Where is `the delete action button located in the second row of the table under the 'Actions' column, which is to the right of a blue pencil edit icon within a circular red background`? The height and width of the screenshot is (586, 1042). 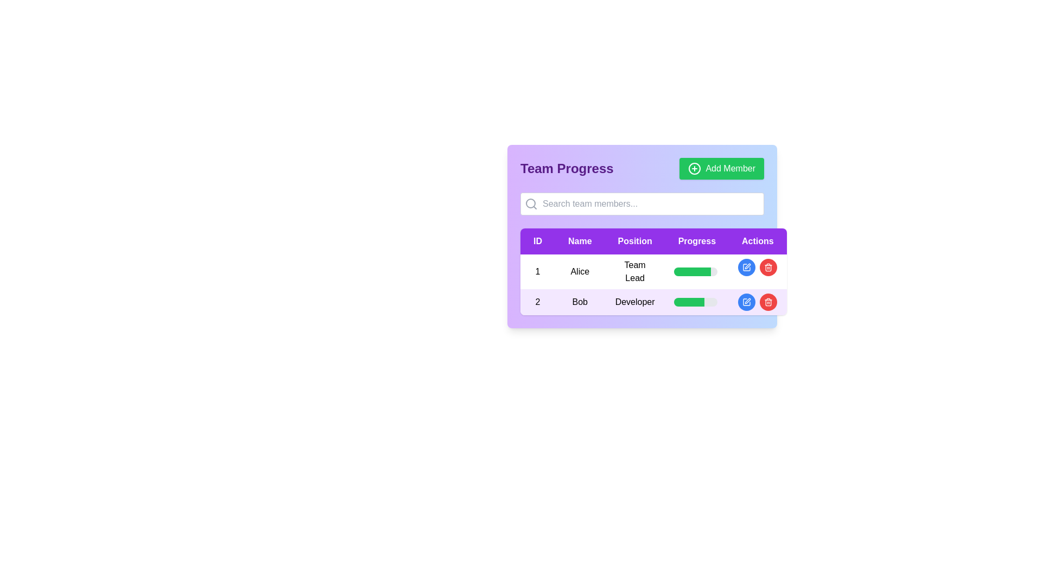
the delete action button located in the second row of the table under the 'Actions' column, which is to the right of a blue pencil edit icon within a circular red background is located at coordinates (768, 267).